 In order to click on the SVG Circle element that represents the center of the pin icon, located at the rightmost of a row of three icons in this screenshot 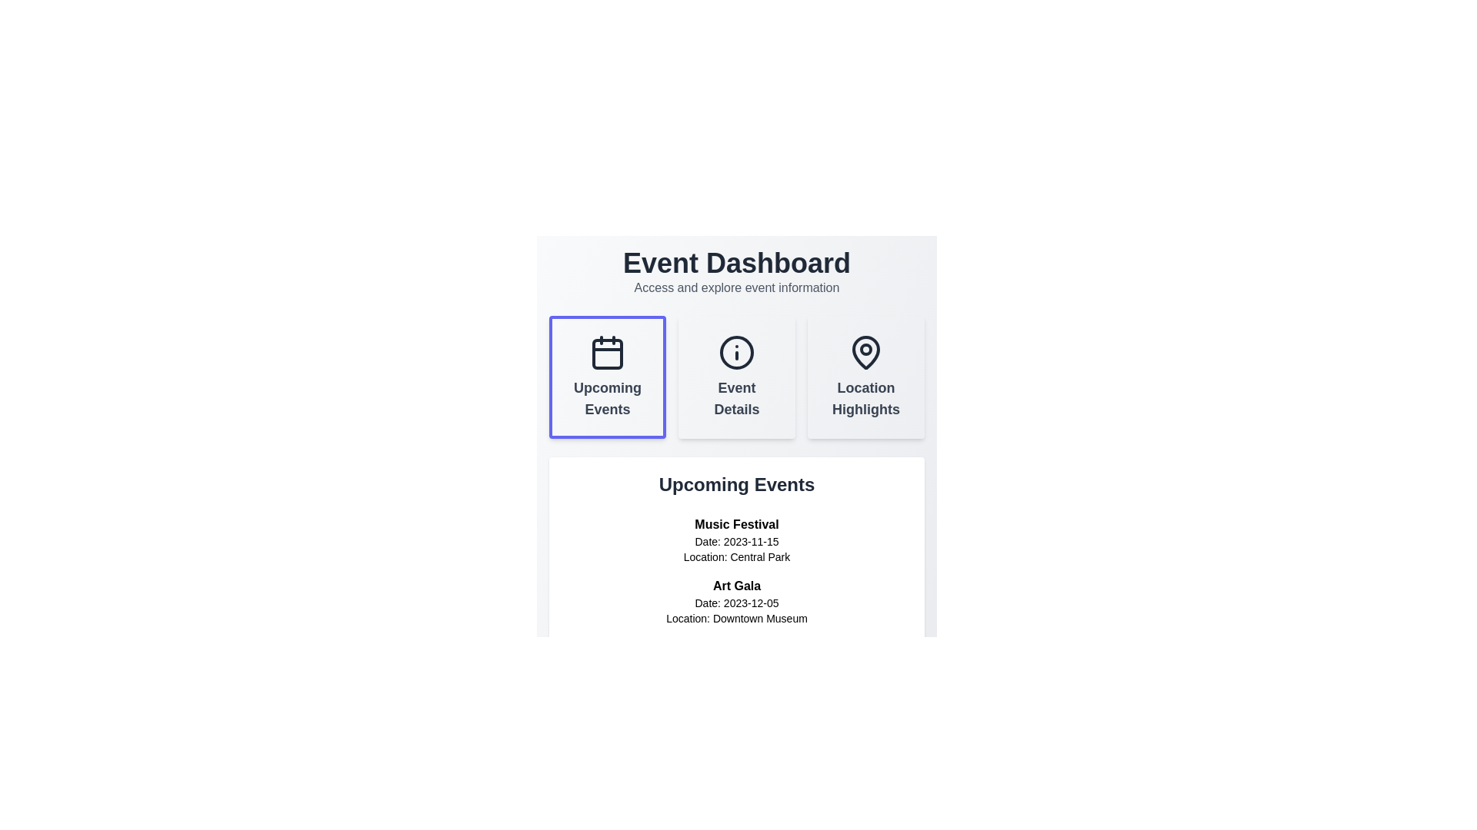, I will do `click(866, 350)`.